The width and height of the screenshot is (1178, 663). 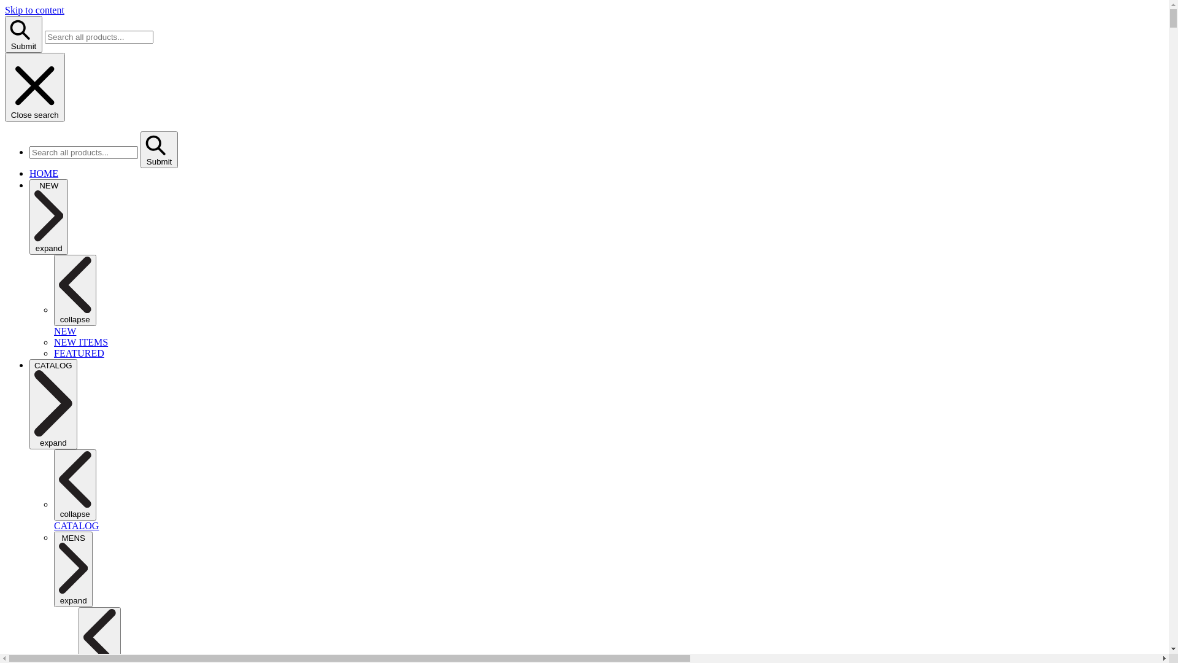 I want to click on 'Submit', so click(x=158, y=149).